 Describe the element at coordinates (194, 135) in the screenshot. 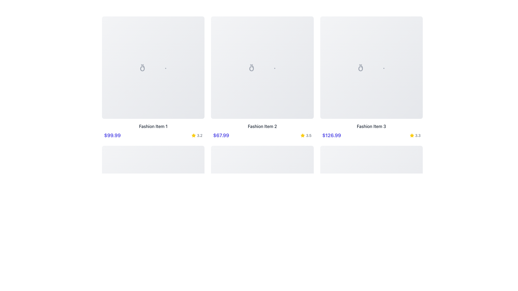

I see `the small, yellow, star-shaped icon next to the text '3.2', which represents a rating system and indicates an active state` at that location.